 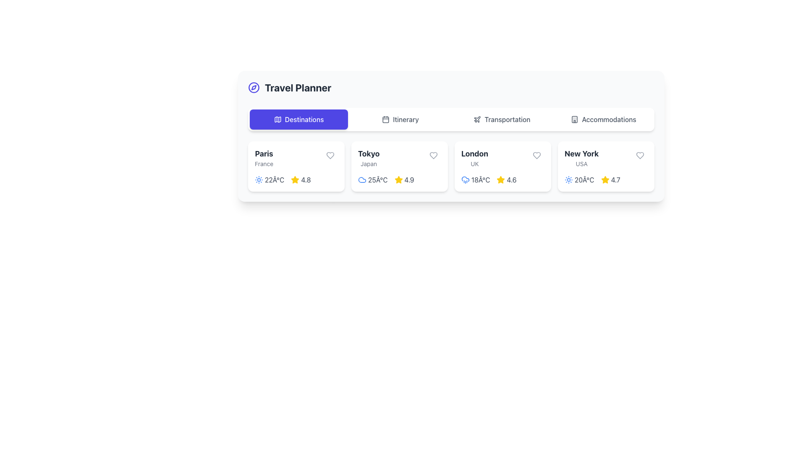 What do you see at coordinates (574, 120) in the screenshot?
I see `the icon representing the 'Accommodations' navigation item, which is located to the left of the 'Accommodations' text in the horizontal navigation menu` at bounding box center [574, 120].